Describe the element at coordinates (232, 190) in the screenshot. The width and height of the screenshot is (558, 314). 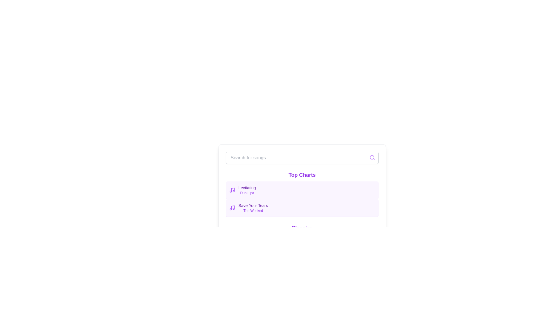
I see `the musical note icon associated with 'Levitating Dua Lipa' in the Top Charts section` at that location.